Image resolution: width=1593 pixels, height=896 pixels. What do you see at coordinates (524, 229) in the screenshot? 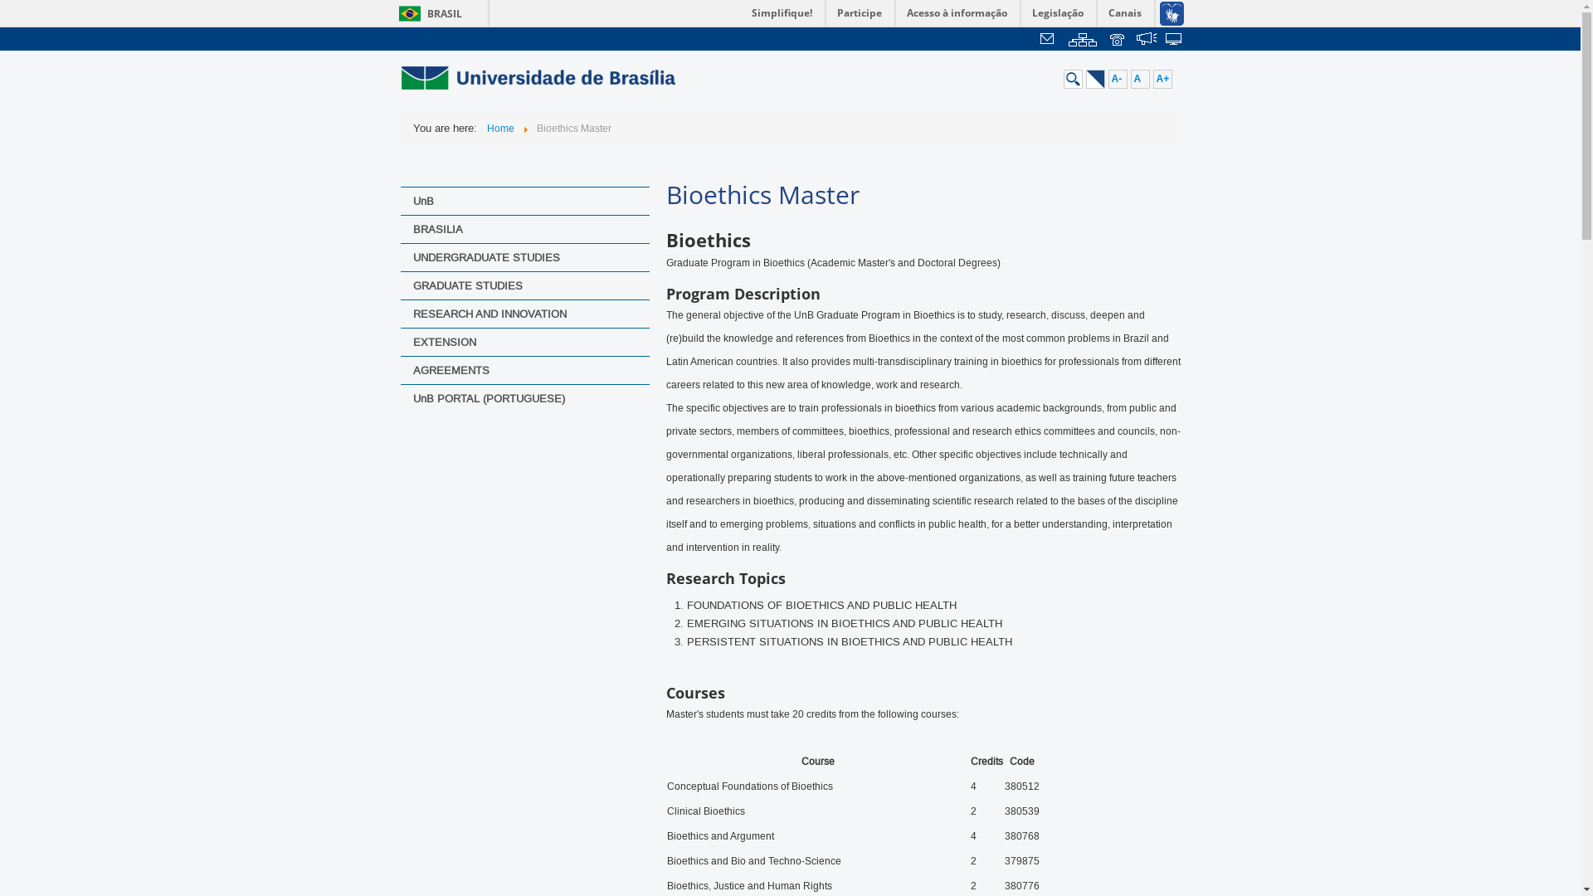
I see `'BRASILIA'` at bounding box center [524, 229].